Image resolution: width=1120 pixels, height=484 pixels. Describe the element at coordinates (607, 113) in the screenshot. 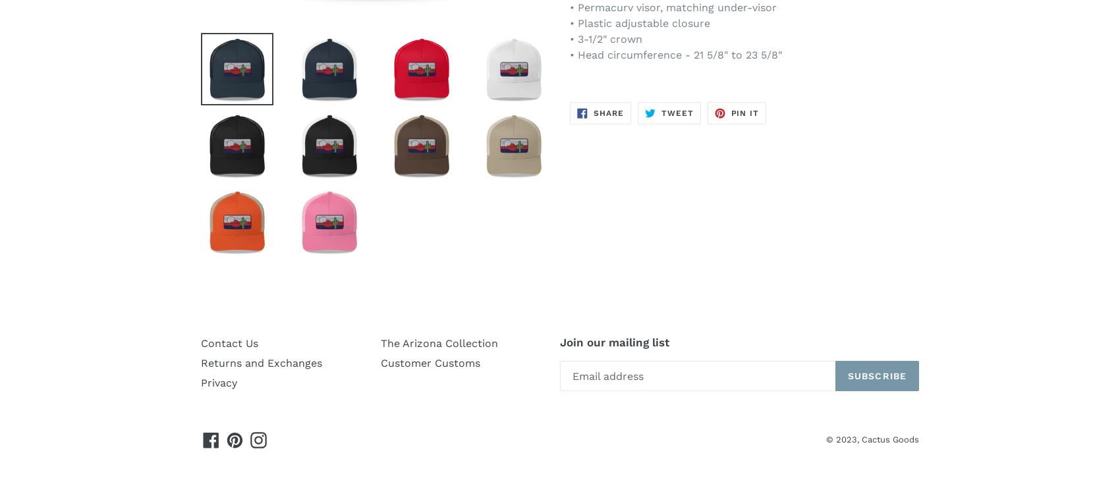

I see `'Share'` at that location.